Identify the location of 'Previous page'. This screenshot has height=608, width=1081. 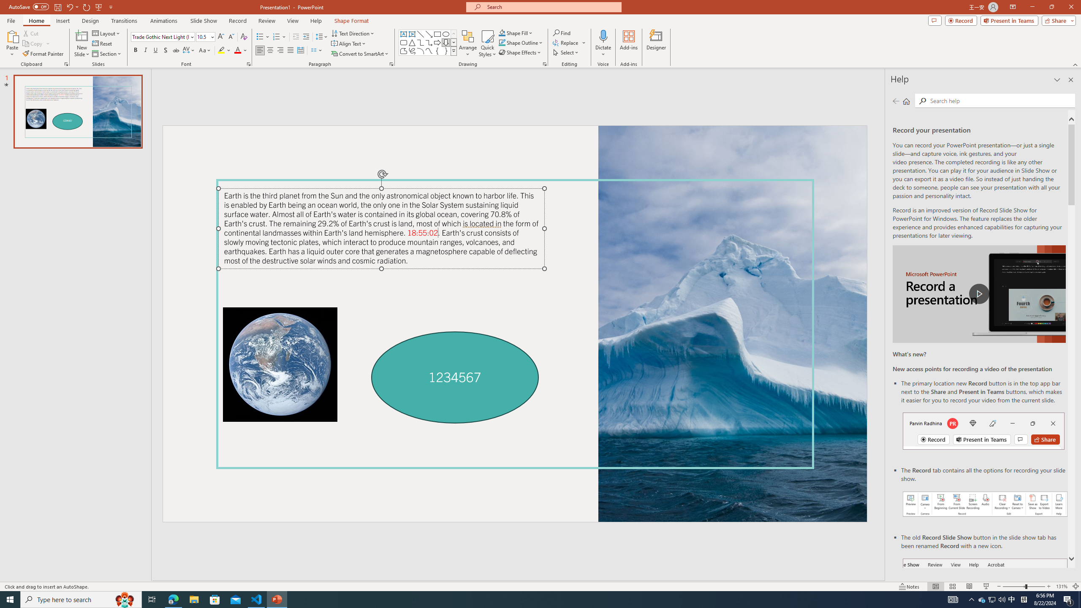
(896, 100).